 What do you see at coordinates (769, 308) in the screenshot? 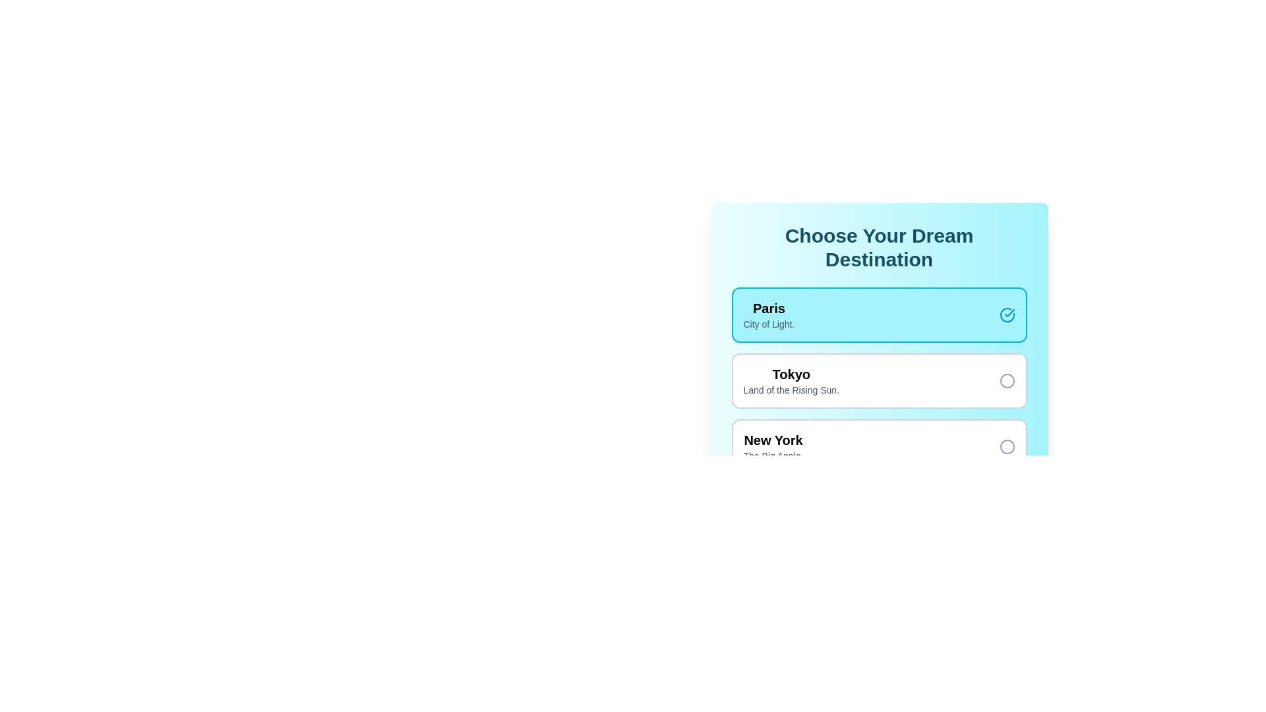
I see `the text label representing 'Paris' within the list of selectable options for navigation in the travel-themed interface` at bounding box center [769, 308].